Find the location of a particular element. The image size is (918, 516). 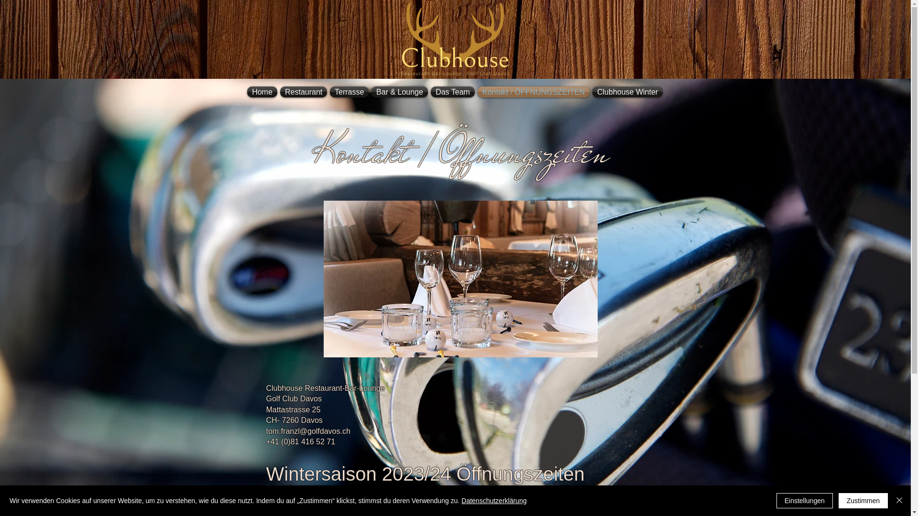

'tom.franzl@golfdavos.ch' is located at coordinates (307, 431).